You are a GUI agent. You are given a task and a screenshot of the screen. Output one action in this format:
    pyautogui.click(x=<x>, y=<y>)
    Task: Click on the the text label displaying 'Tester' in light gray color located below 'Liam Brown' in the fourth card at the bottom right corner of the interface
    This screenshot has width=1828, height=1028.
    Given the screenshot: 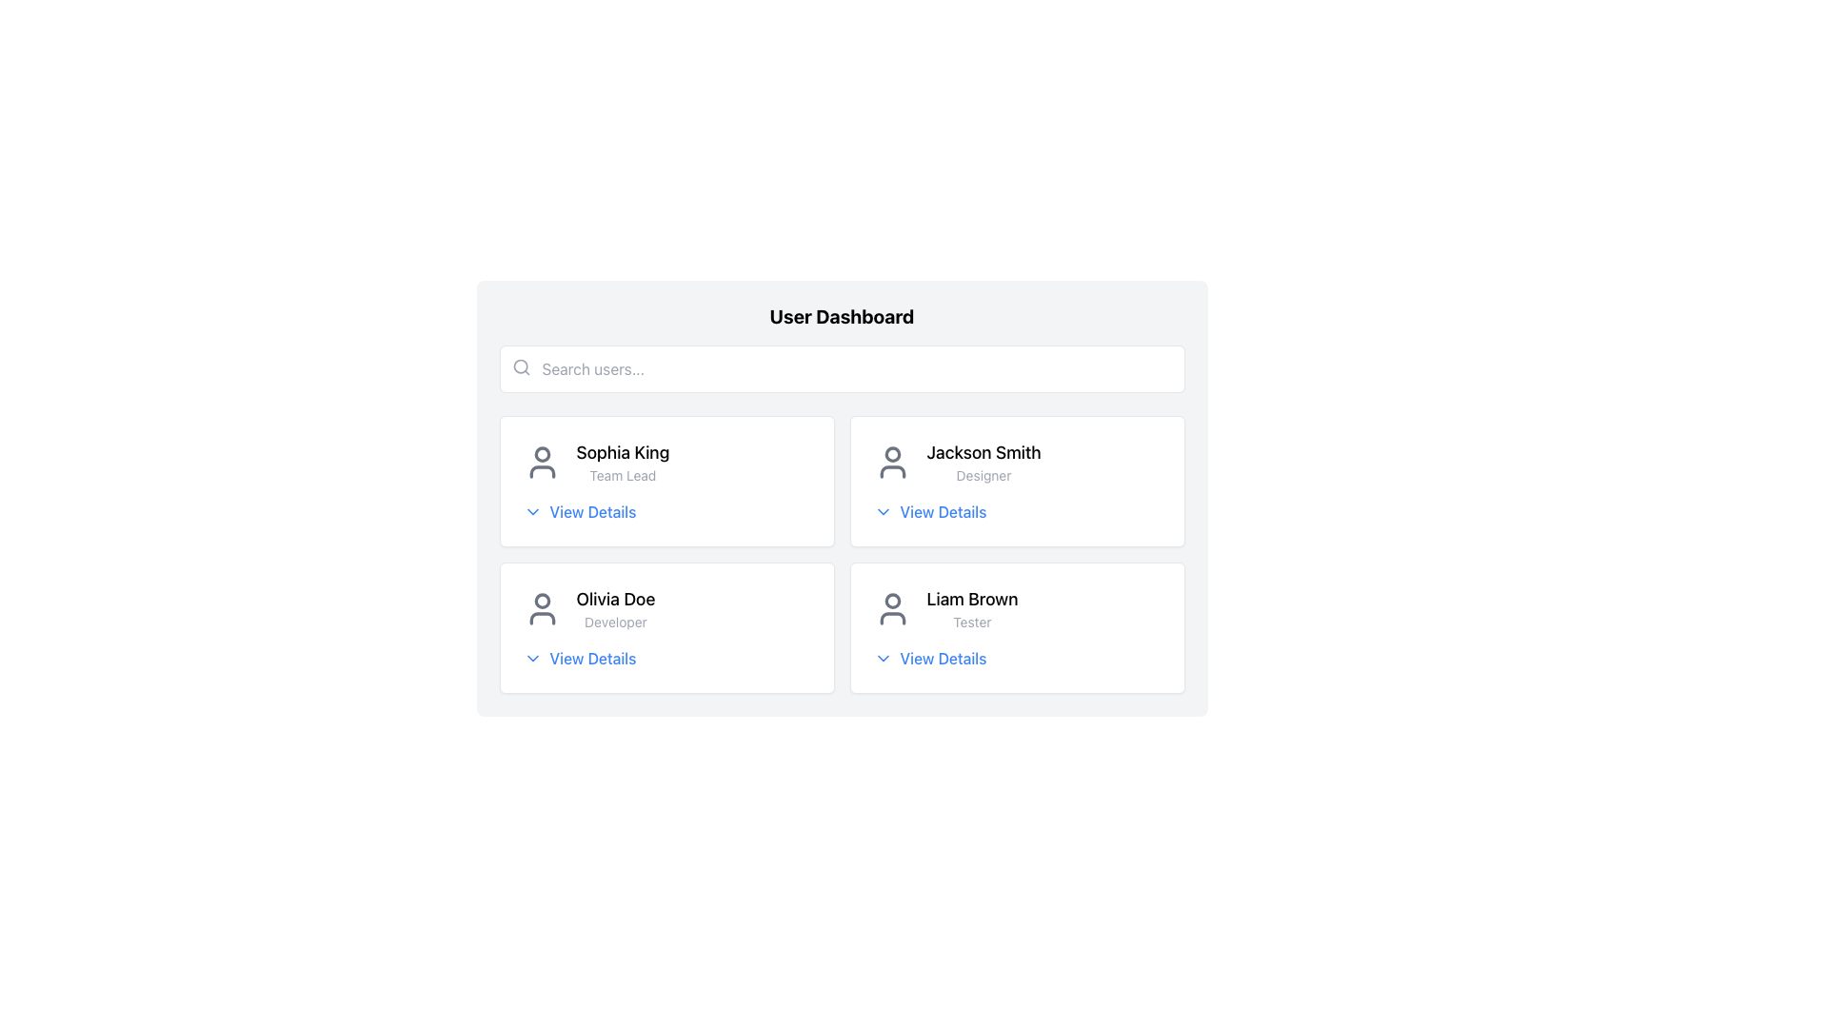 What is the action you would take?
    pyautogui.click(x=972, y=623)
    